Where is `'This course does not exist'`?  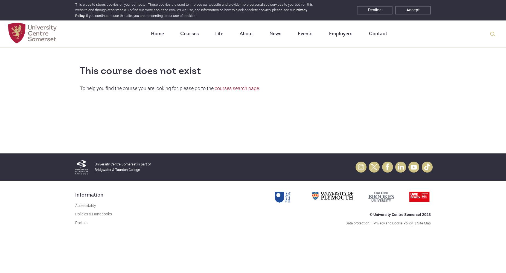 'This course does not exist' is located at coordinates (140, 71).